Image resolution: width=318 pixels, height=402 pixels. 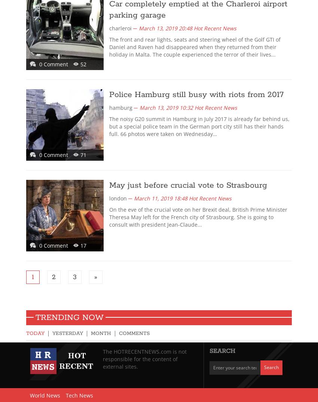 I want to click on '17', so click(x=83, y=245).